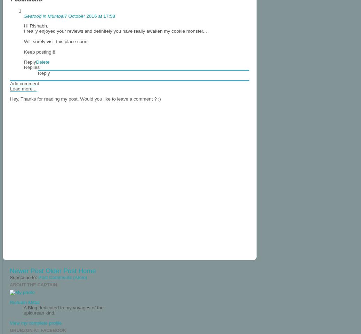  What do you see at coordinates (33, 285) in the screenshot?
I see `'About The Captain'` at bounding box center [33, 285].